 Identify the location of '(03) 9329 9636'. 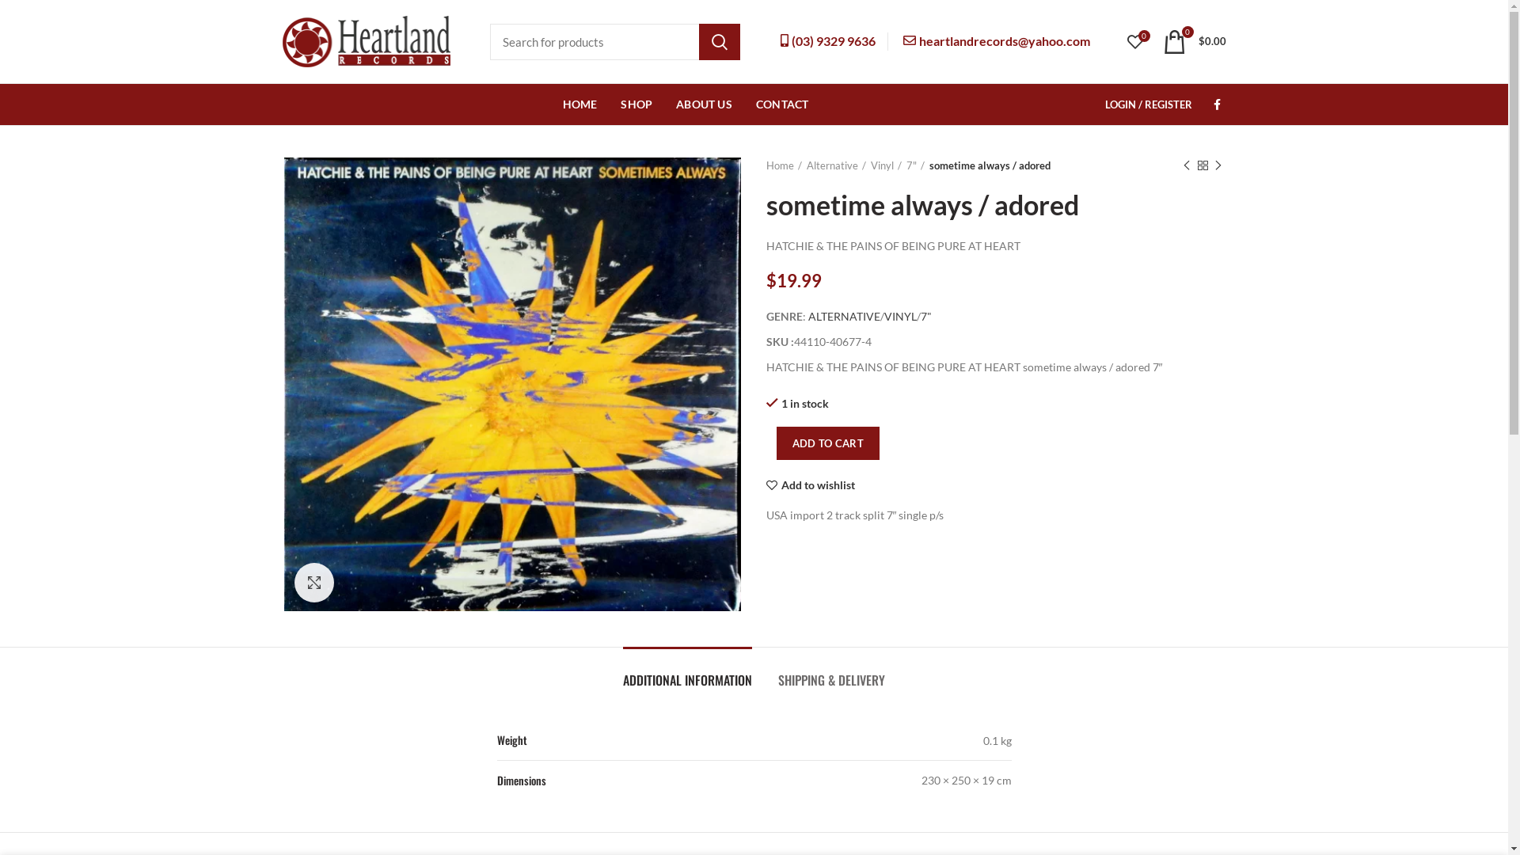
(826, 40).